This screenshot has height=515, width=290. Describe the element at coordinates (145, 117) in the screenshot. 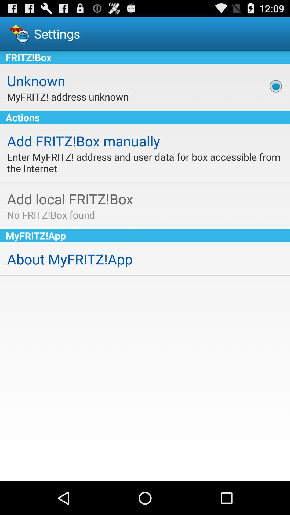

I see `actions item` at that location.